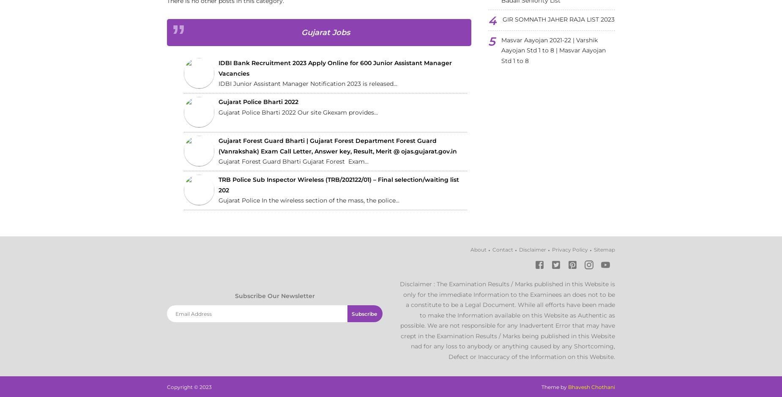 Image resolution: width=782 pixels, height=397 pixels. Describe the element at coordinates (258, 102) in the screenshot. I see `'Gujarat Police Bharti 2022'` at that location.